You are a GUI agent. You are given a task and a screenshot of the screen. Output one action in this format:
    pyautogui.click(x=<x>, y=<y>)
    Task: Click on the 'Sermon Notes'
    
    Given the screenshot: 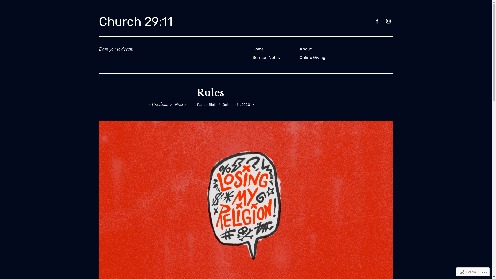 What is the action you would take?
    pyautogui.click(x=250, y=57)
    